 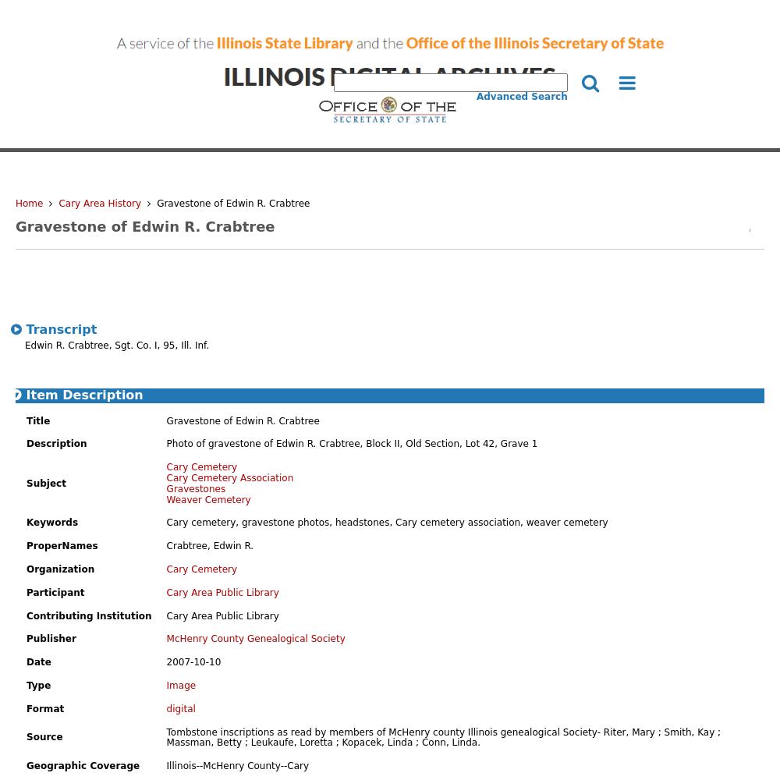 I want to click on 'Weaver Cemetery', so click(x=165, y=499).